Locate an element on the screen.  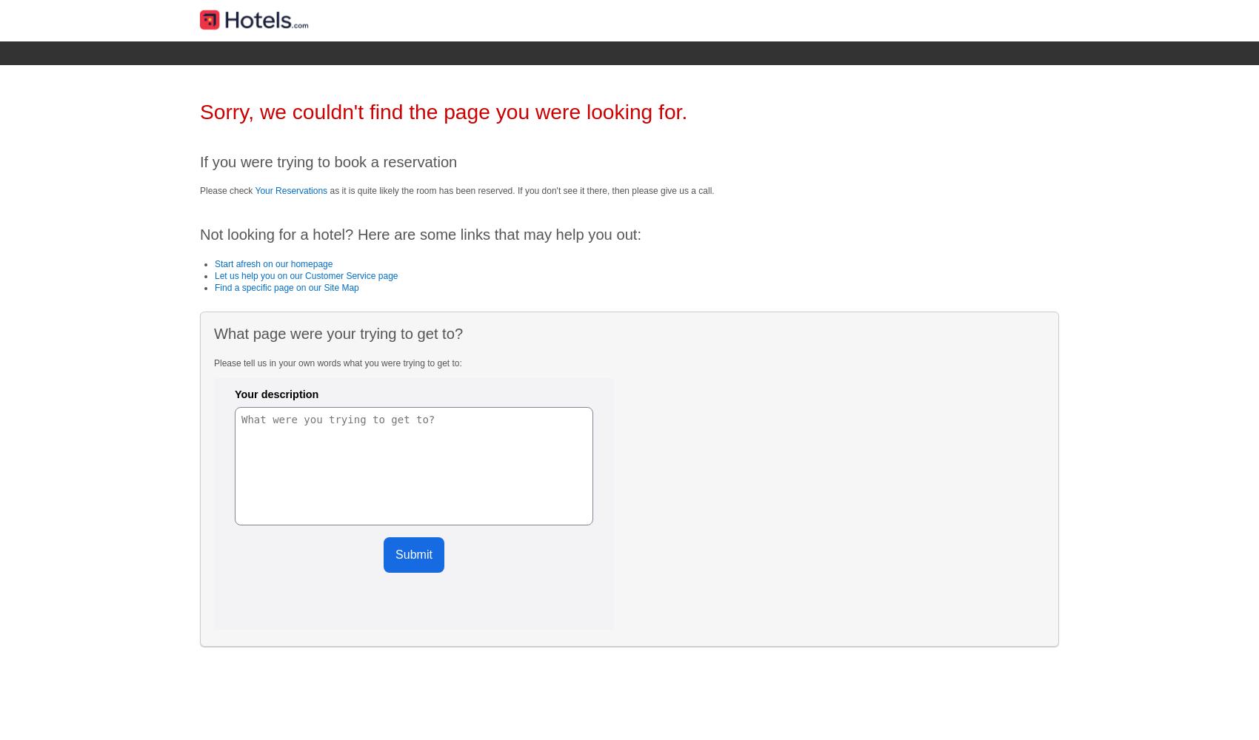
'What page were your trying to get to?' is located at coordinates (338, 333).